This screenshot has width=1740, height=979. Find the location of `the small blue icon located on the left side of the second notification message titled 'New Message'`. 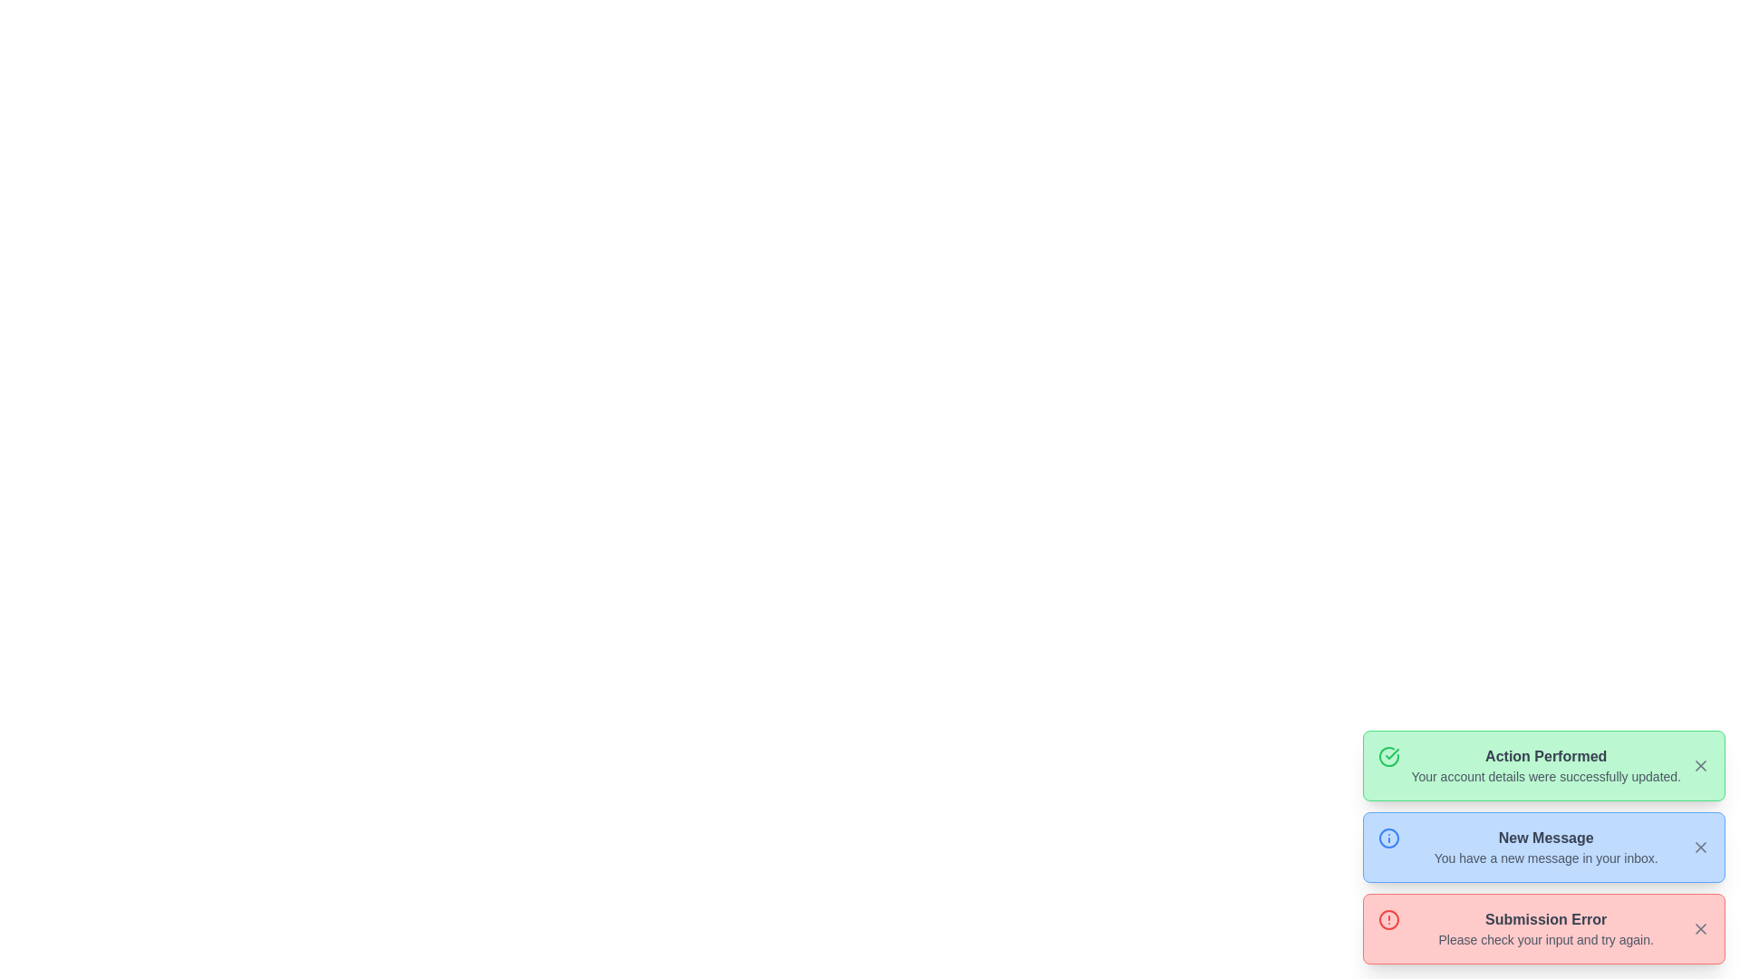

the small blue icon located on the left side of the second notification message titled 'New Message' is located at coordinates (1388, 838).